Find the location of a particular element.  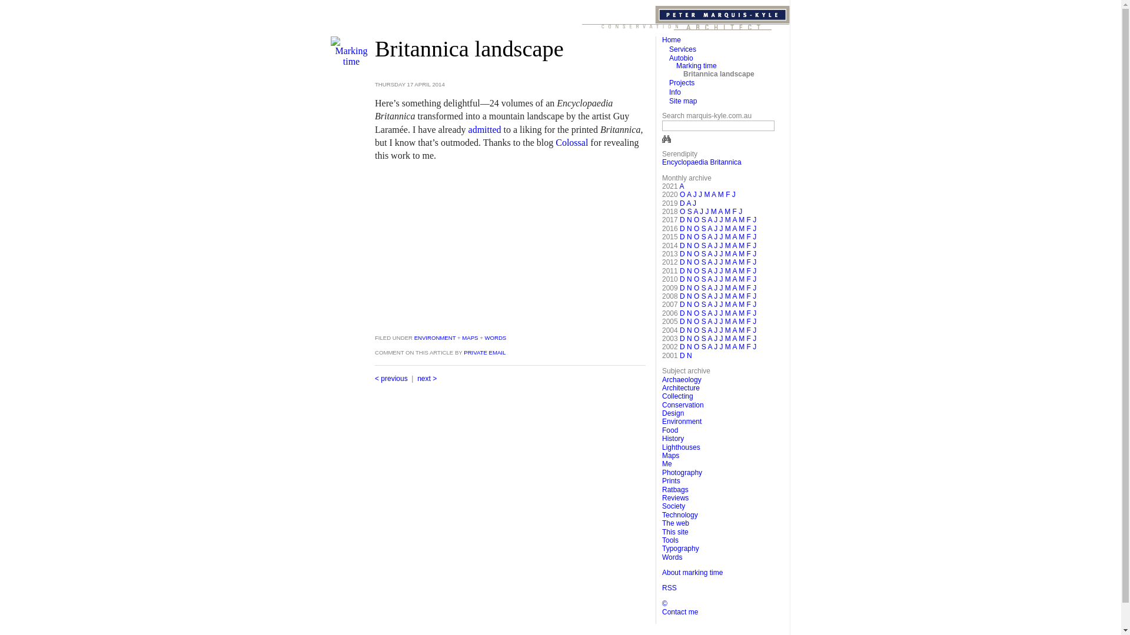

'Reviews' is located at coordinates (675, 498).